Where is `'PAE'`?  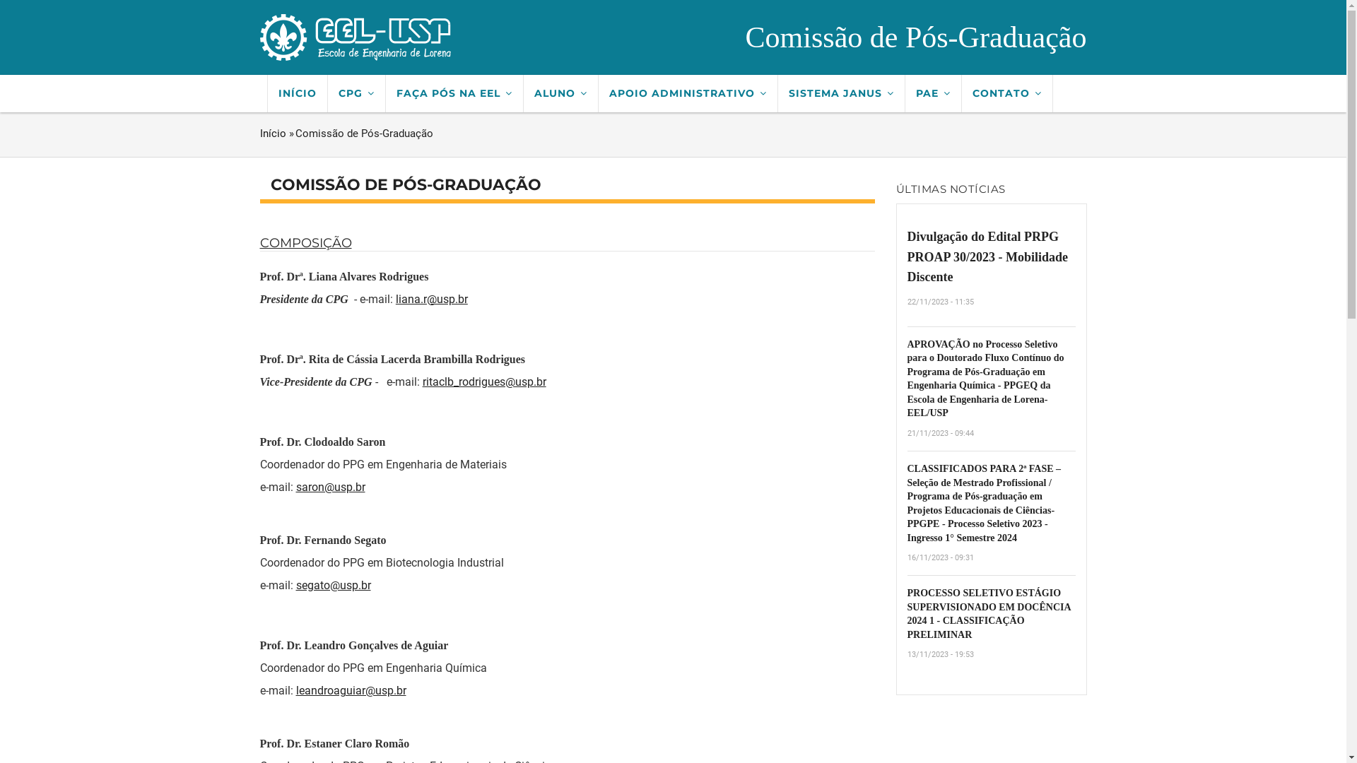
'PAE' is located at coordinates (933, 93).